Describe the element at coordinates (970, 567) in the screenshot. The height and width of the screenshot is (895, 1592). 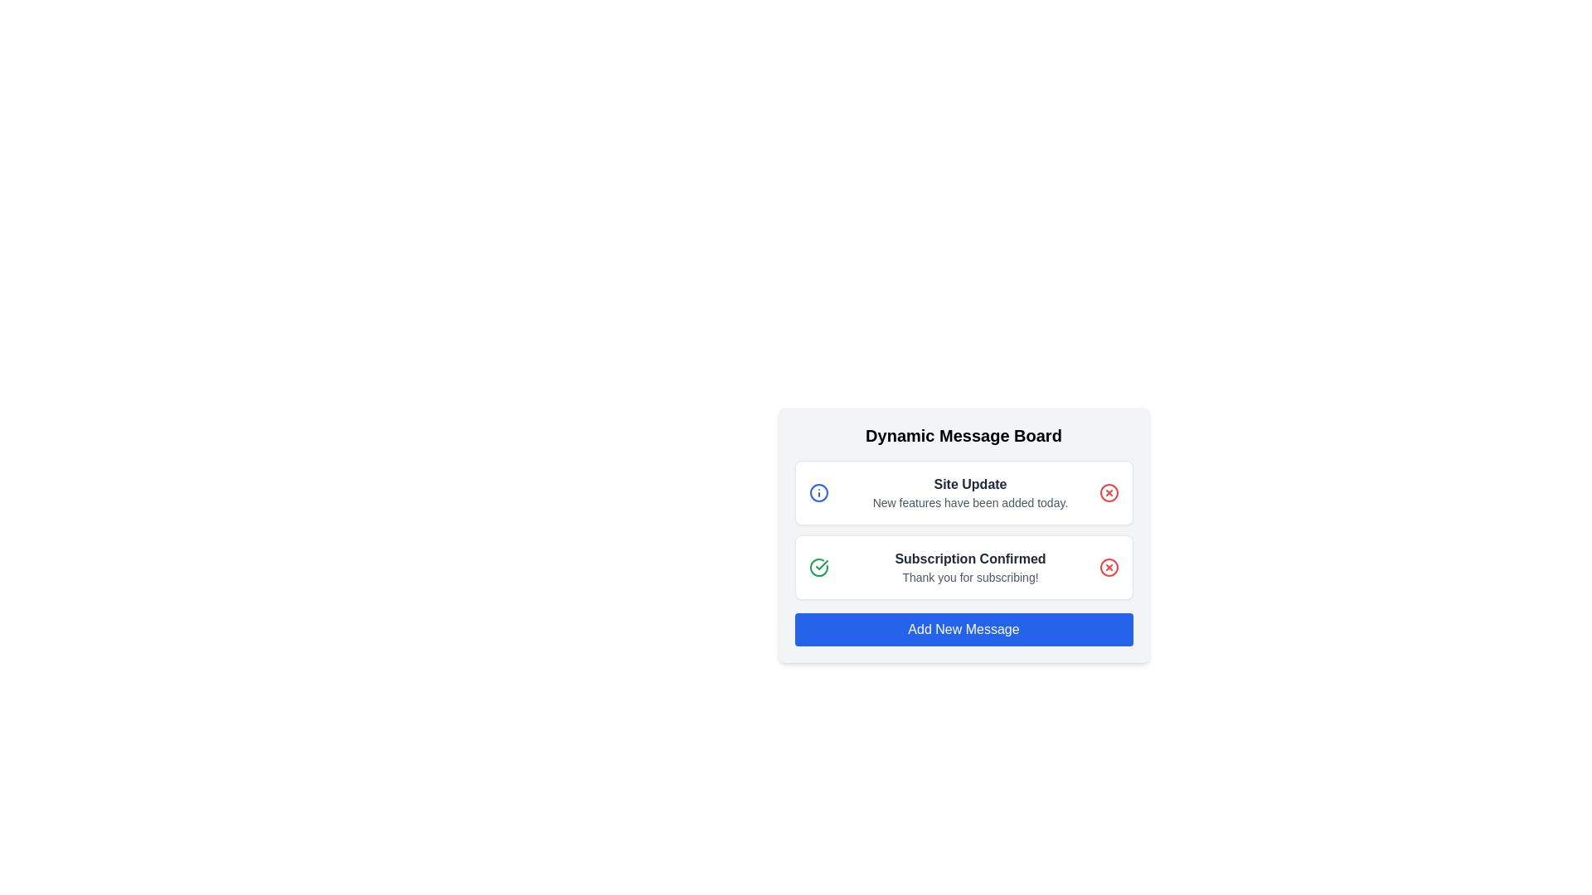
I see `the informational text display element that confirms the user's subscription, located centrally in the second row of notification cards` at that location.